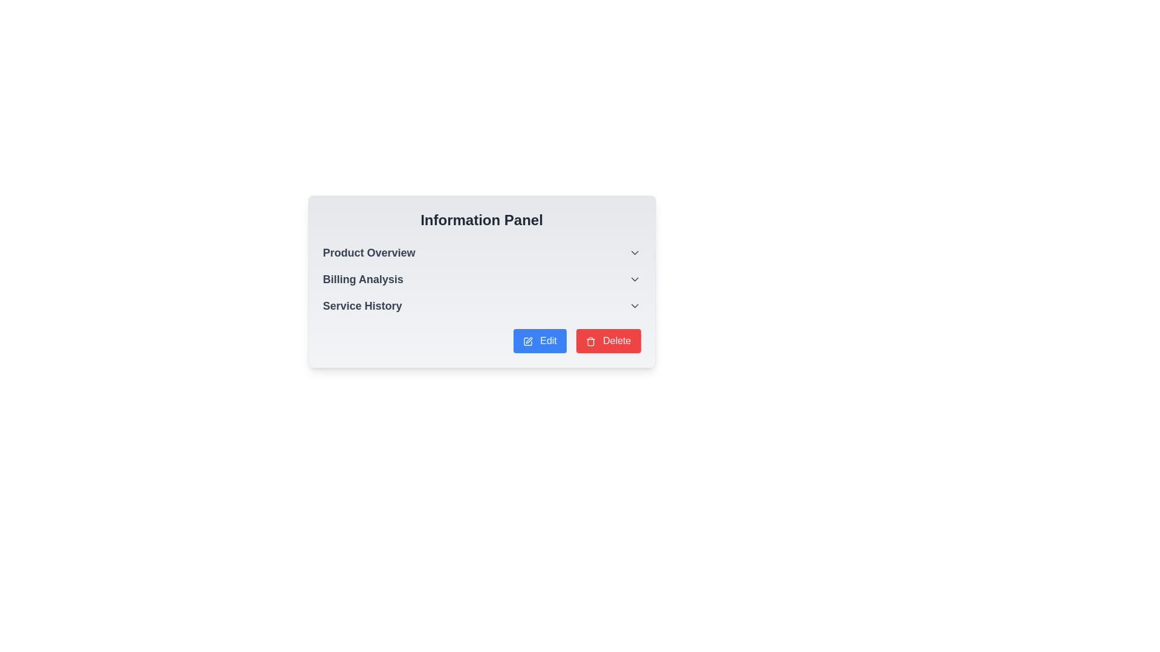 This screenshot has width=1160, height=652. What do you see at coordinates (634, 305) in the screenshot?
I see `the chevron-down icon button located to the right of the 'Service History' text in the 'Information Panel' section to indicate interactivity` at bounding box center [634, 305].